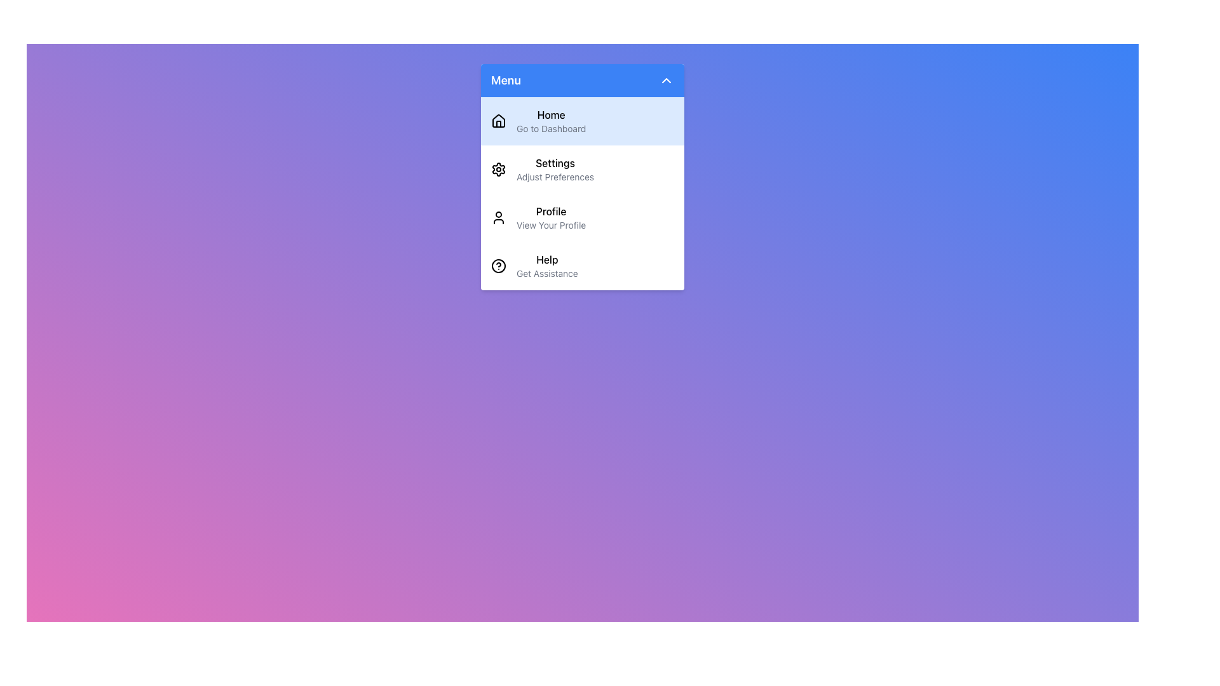 Image resolution: width=1220 pixels, height=686 pixels. What do you see at coordinates (551, 210) in the screenshot?
I see `the 'Profile' text label in the settings menu dropdown, which is positioned above the 'Help' option` at bounding box center [551, 210].